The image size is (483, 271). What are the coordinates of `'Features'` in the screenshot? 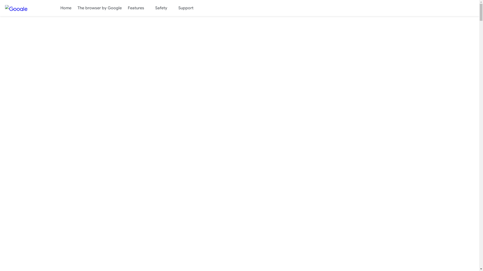 It's located at (138, 8).